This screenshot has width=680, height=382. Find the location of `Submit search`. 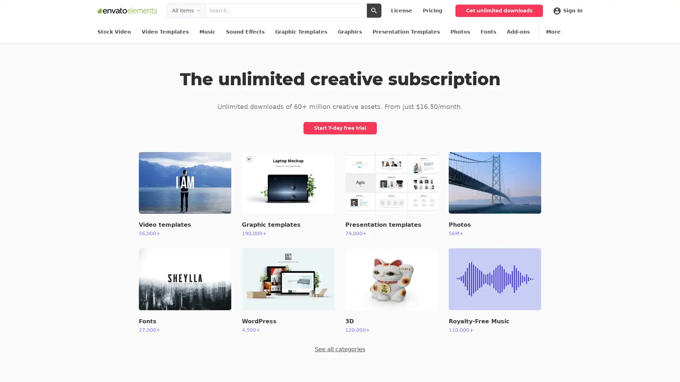

Submit search is located at coordinates (374, 11).